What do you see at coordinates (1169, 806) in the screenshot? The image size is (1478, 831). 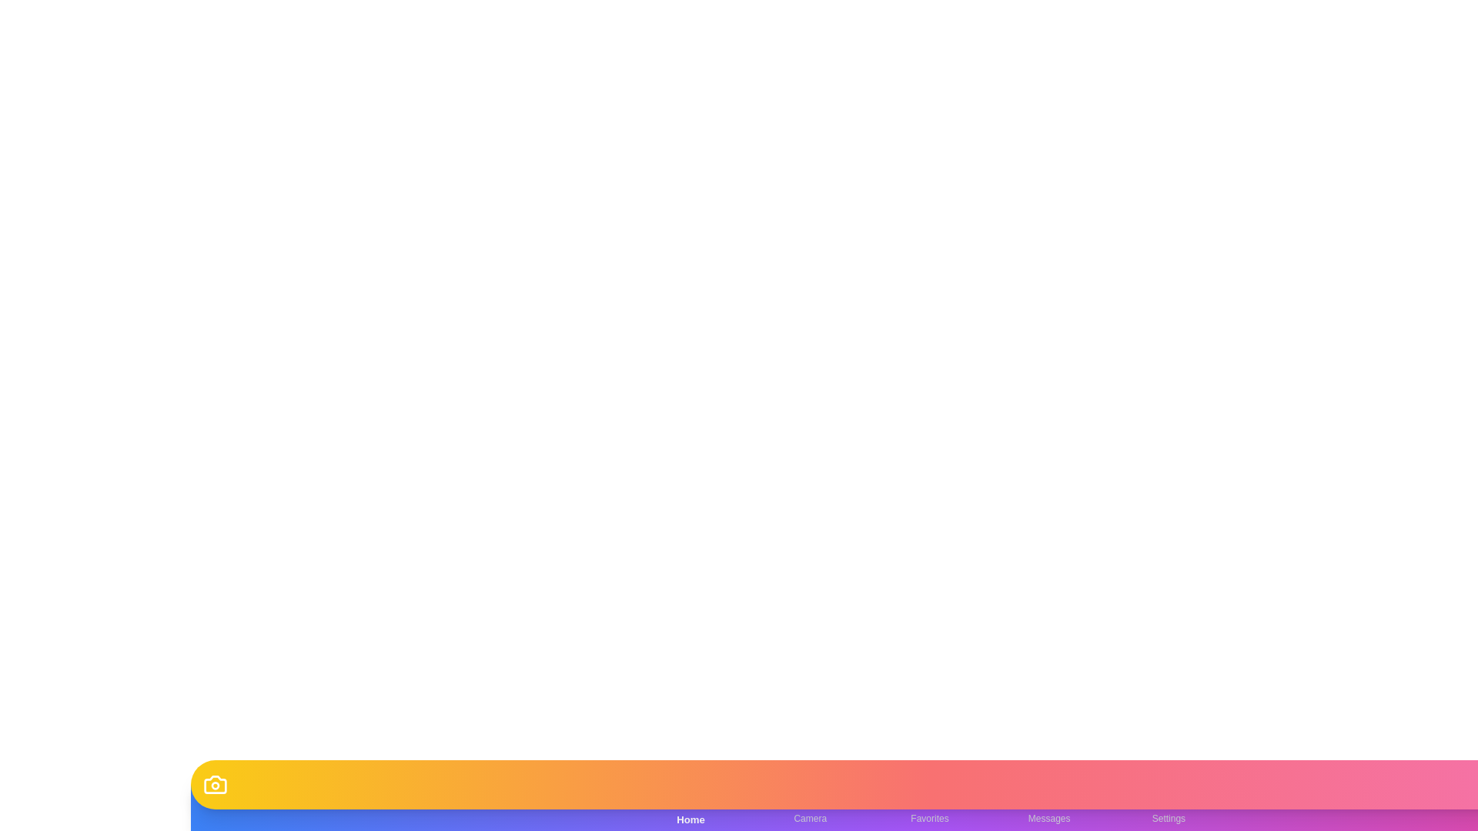 I see `the Settings button to observe its hover effect` at bounding box center [1169, 806].